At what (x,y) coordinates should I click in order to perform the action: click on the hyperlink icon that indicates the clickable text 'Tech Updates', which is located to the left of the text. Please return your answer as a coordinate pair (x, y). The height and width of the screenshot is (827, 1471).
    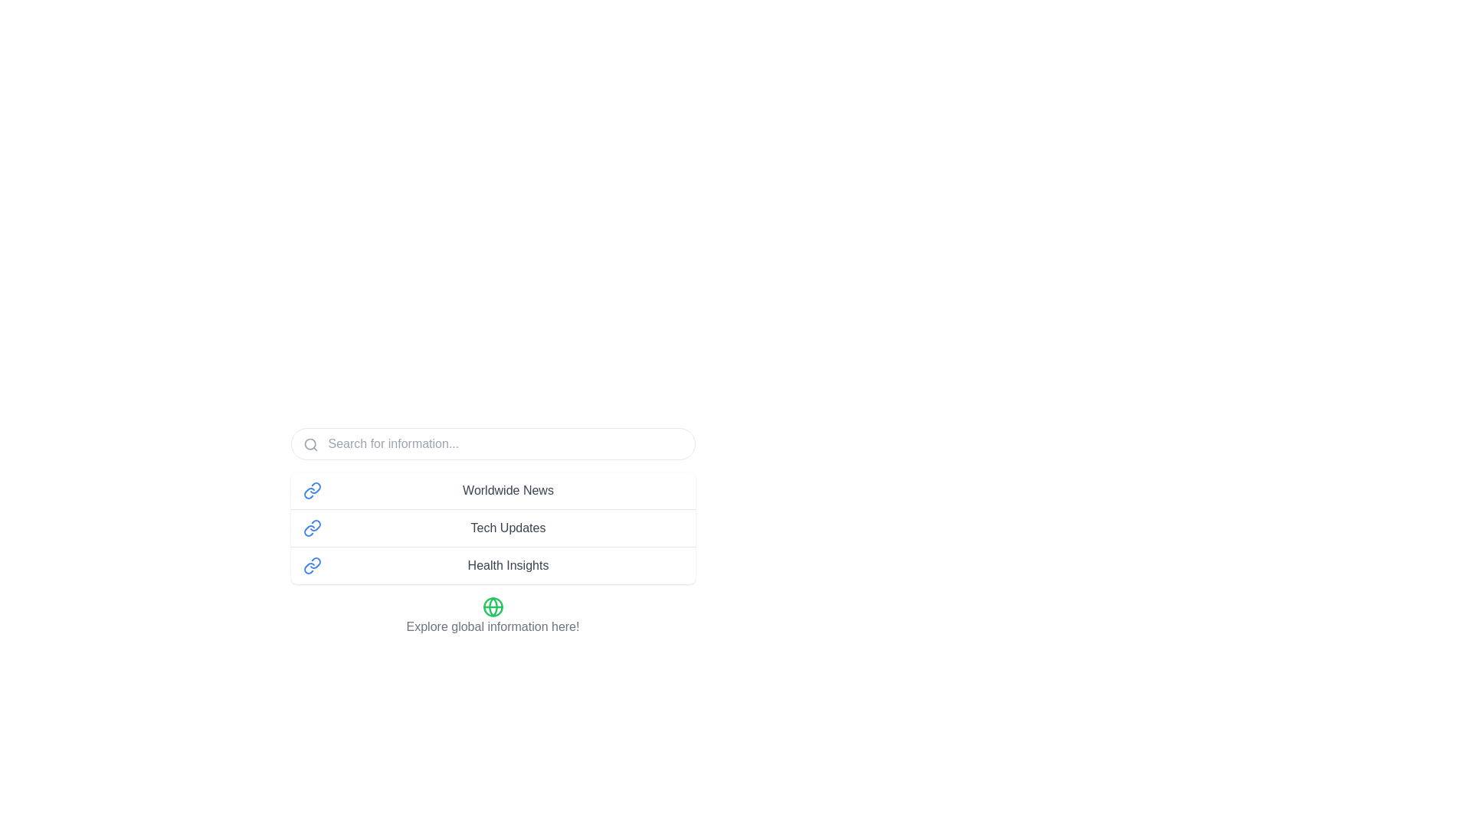
    Looking at the image, I should click on (311, 528).